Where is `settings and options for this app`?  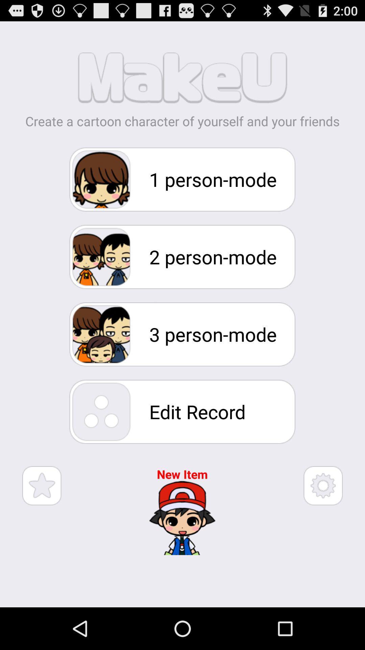
settings and options for this app is located at coordinates (323, 485).